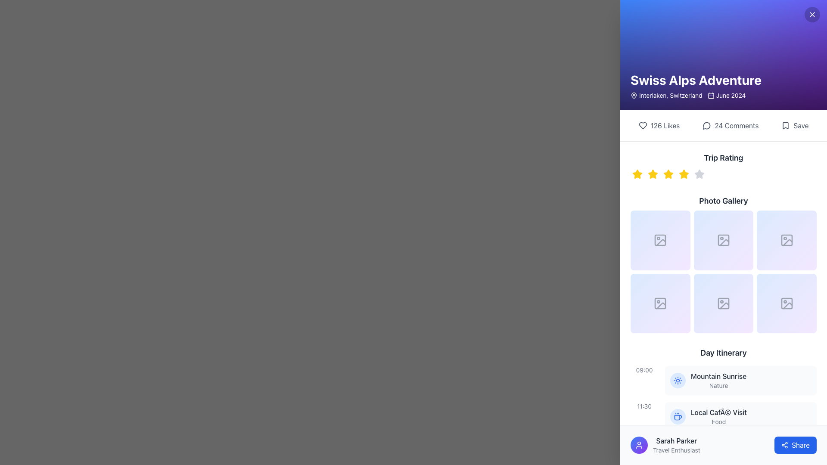 Image resolution: width=827 pixels, height=465 pixels. Describe the element at coordinates (678, 380) in the screenshot. I see `the sun icon representing the 'Mountain Sunrise' entry in the Day Itinerary section` at that location.